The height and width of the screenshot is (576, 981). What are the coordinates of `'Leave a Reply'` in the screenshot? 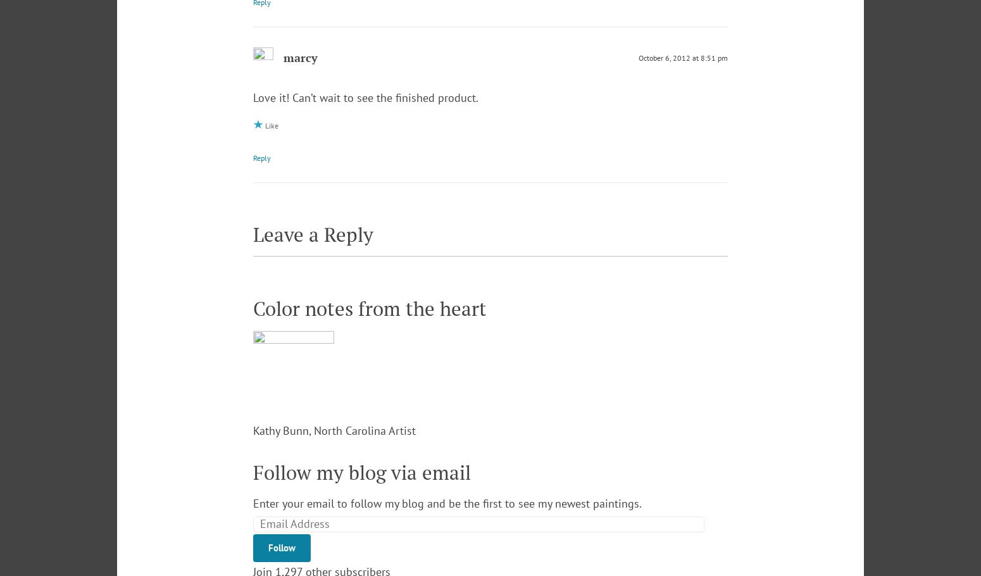 It's located at (313, 234).